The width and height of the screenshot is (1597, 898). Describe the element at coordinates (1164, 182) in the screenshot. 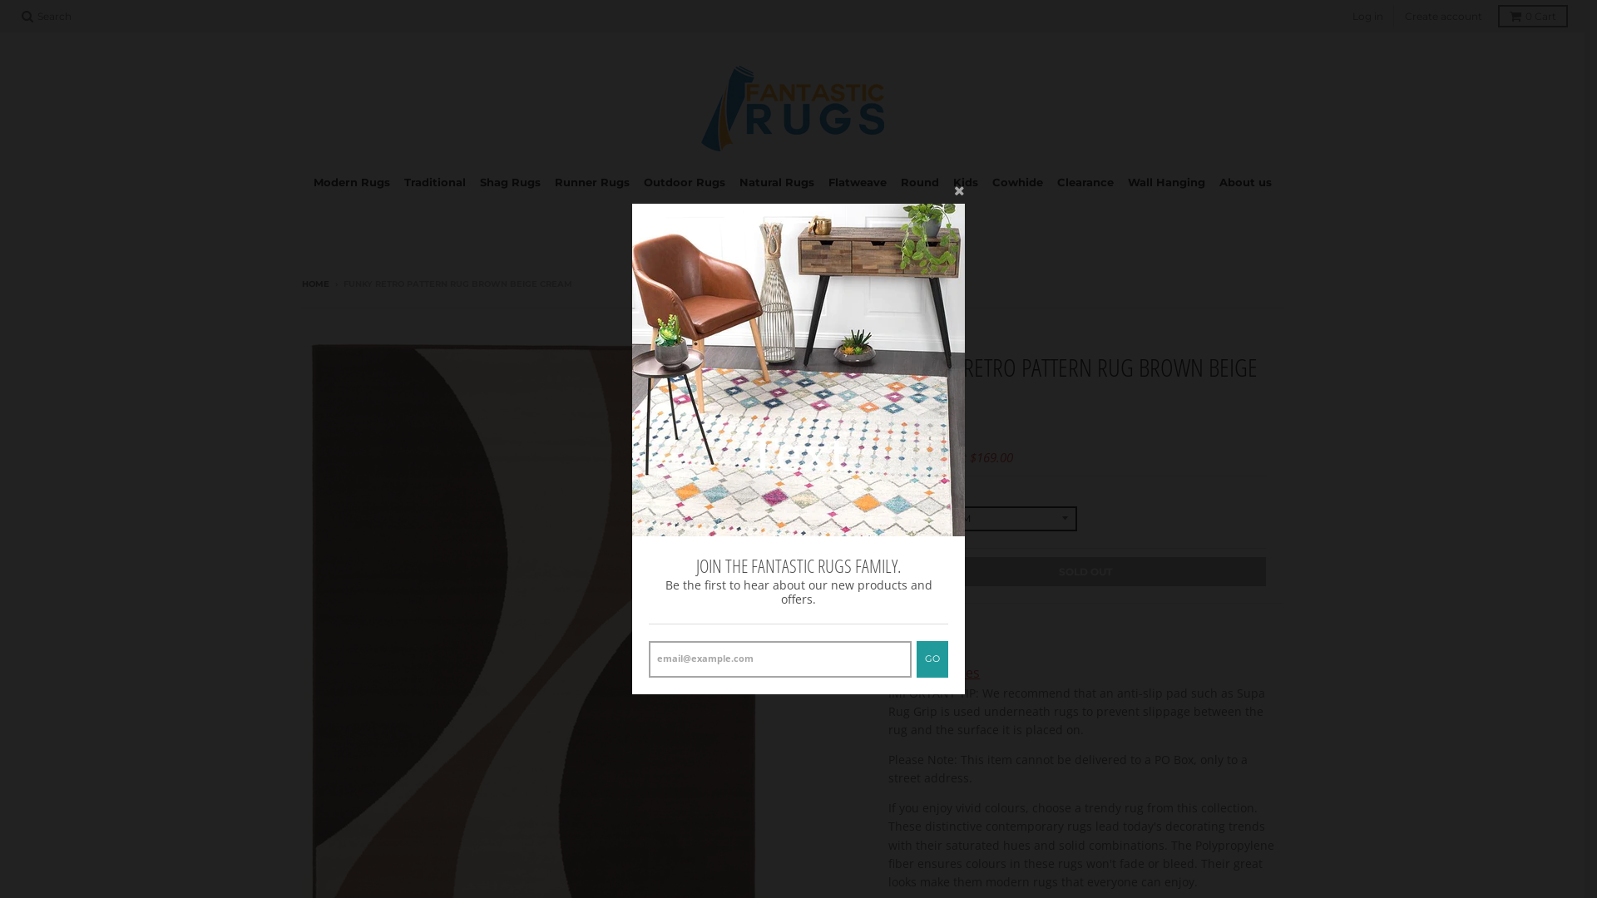

I see `'Wall Hanging'` at that location.